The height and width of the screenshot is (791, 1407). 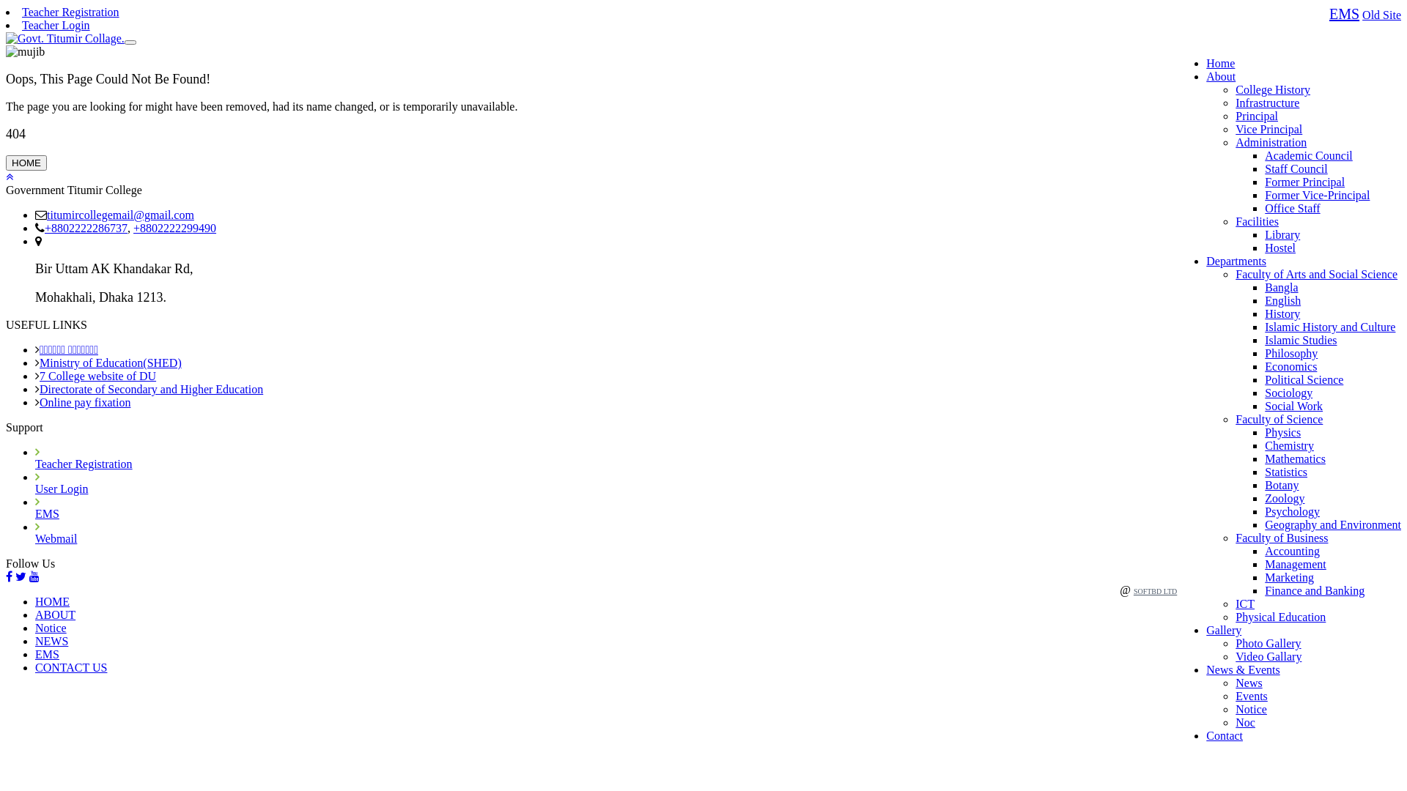 I want to click on 'Psychology', so click(x=1292, y=510).